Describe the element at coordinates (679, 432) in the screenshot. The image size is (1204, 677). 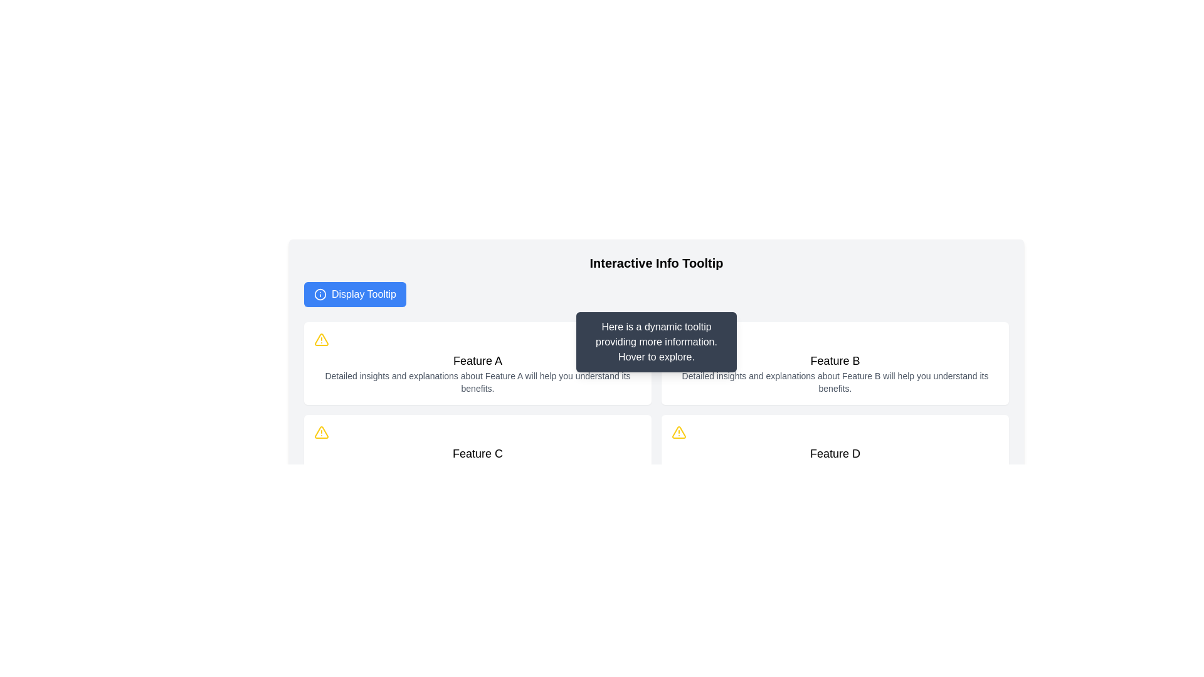
I see `the yellow triangle warning icon located in the upper part of the 'Feature C' section` at that location.